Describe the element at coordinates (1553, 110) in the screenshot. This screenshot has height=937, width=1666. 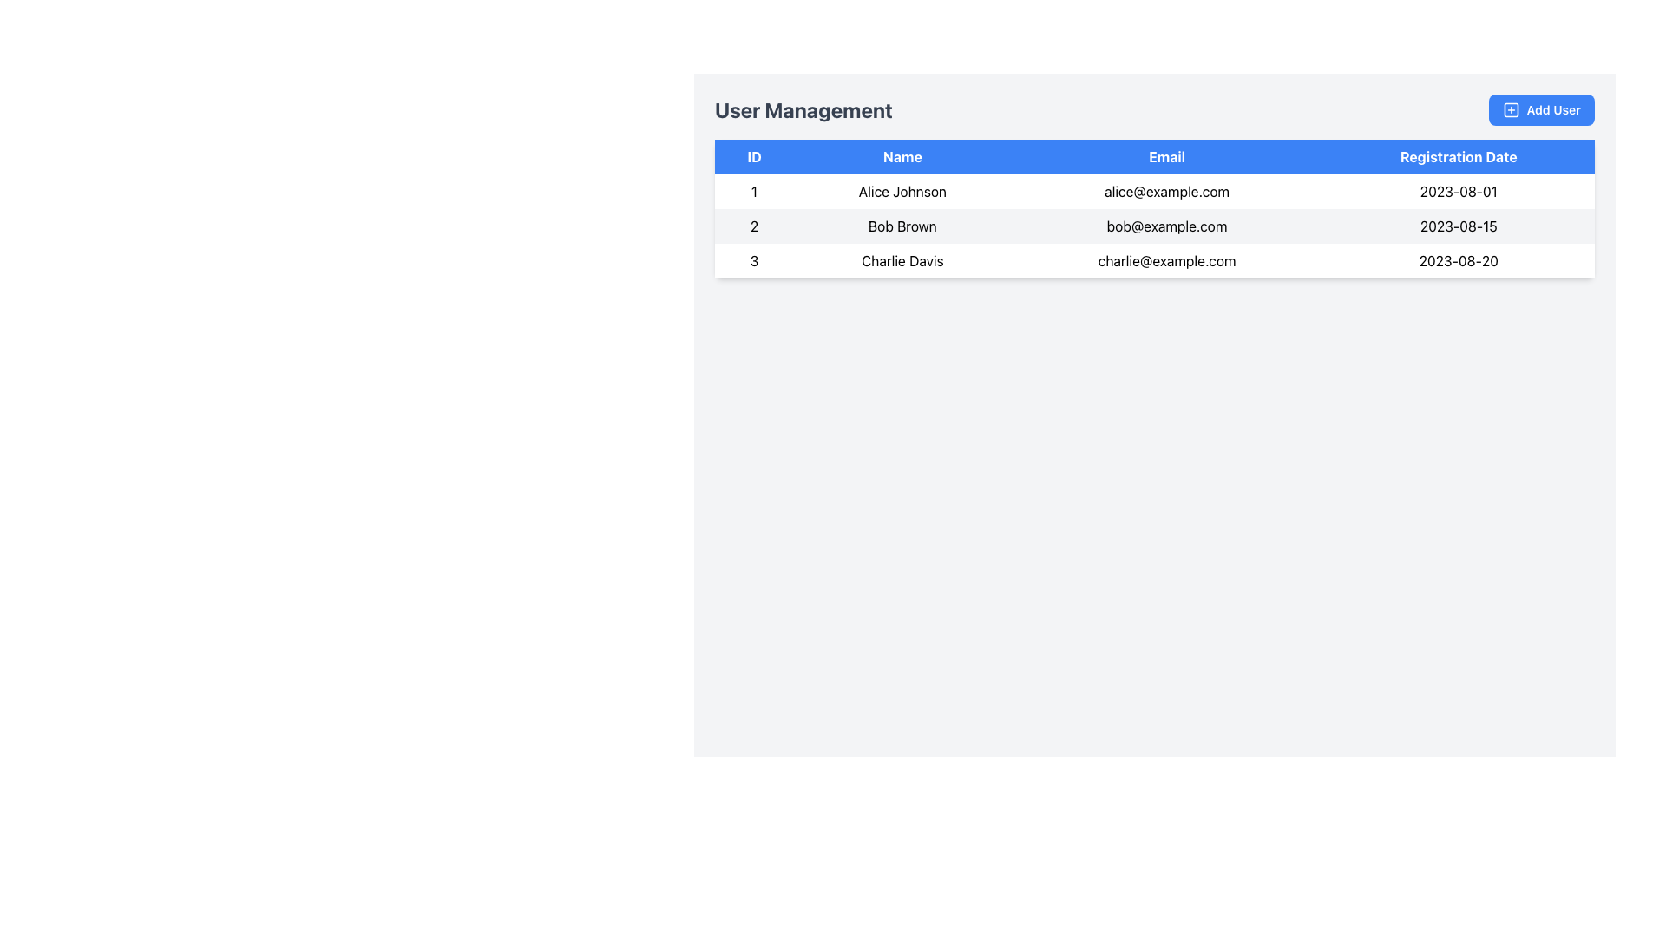
I see `the 'Add User' text label located within the button in the top-right corner to invoke the action of adding a new user` at that location.